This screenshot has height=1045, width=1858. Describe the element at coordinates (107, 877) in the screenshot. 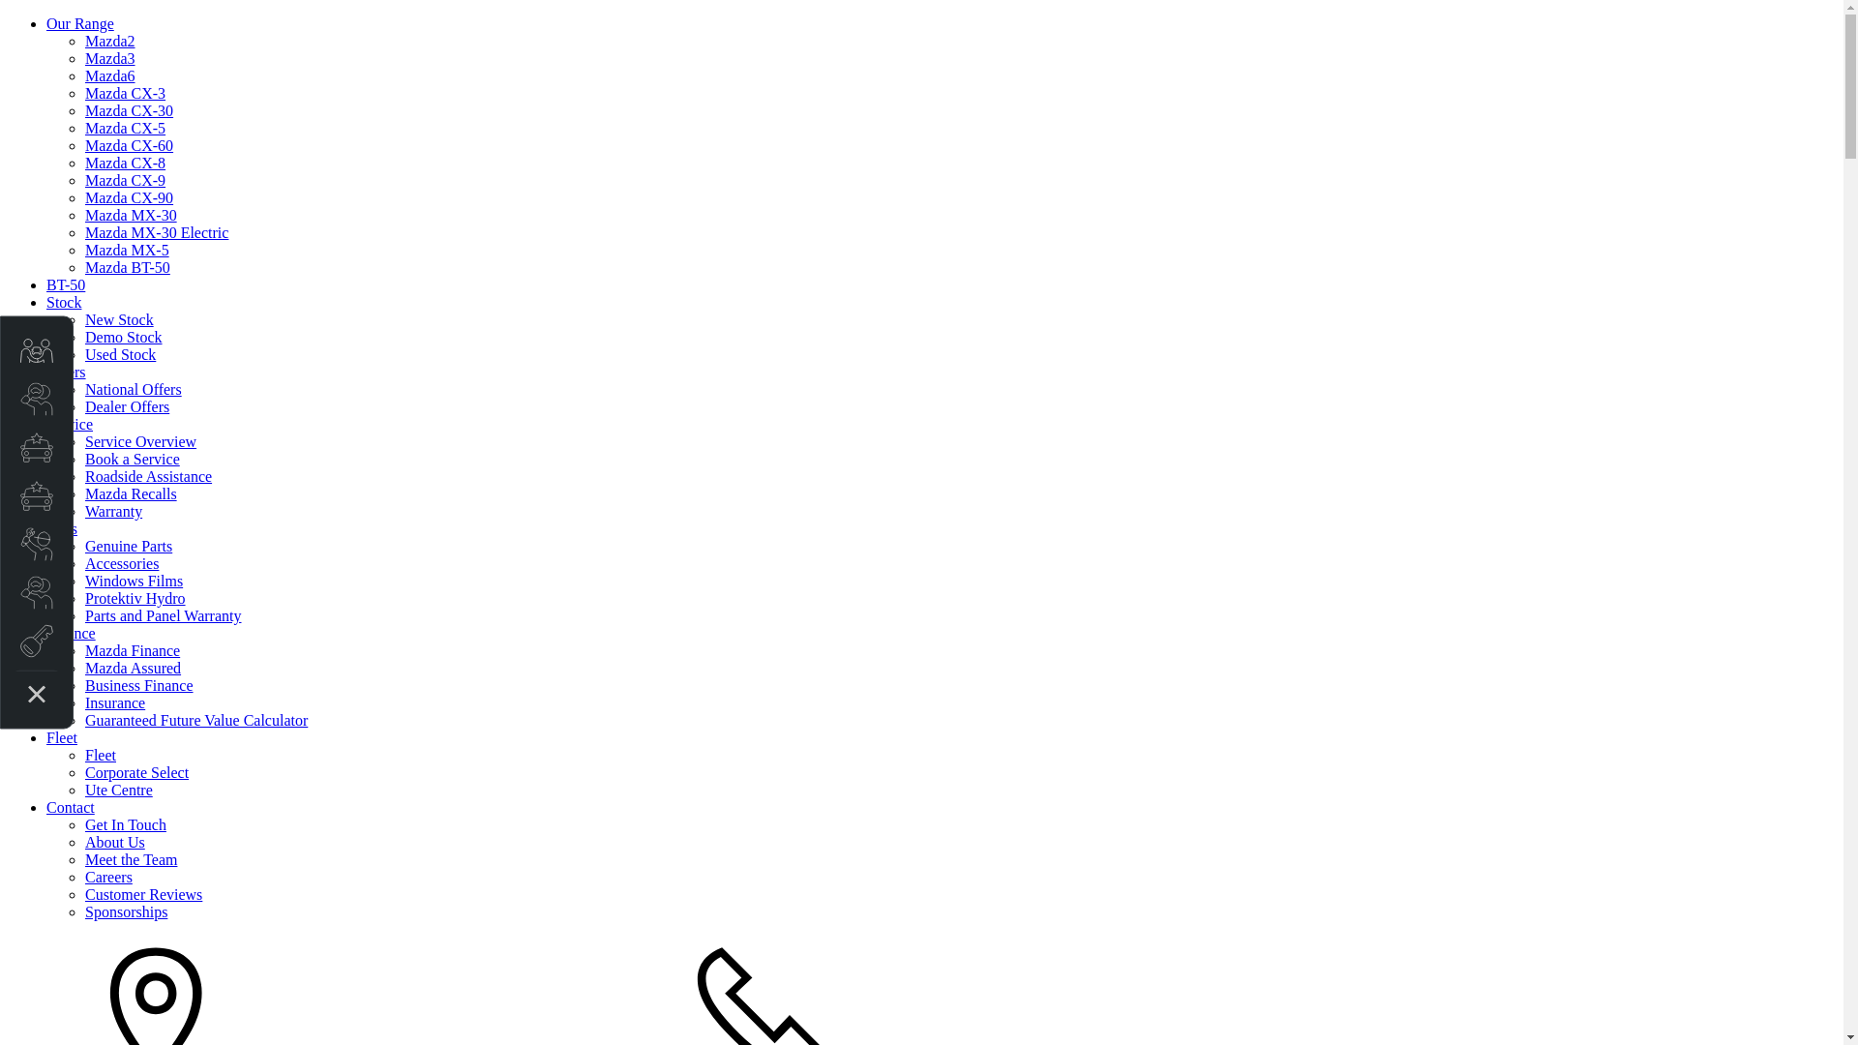

I see `'Careers'` at that location.